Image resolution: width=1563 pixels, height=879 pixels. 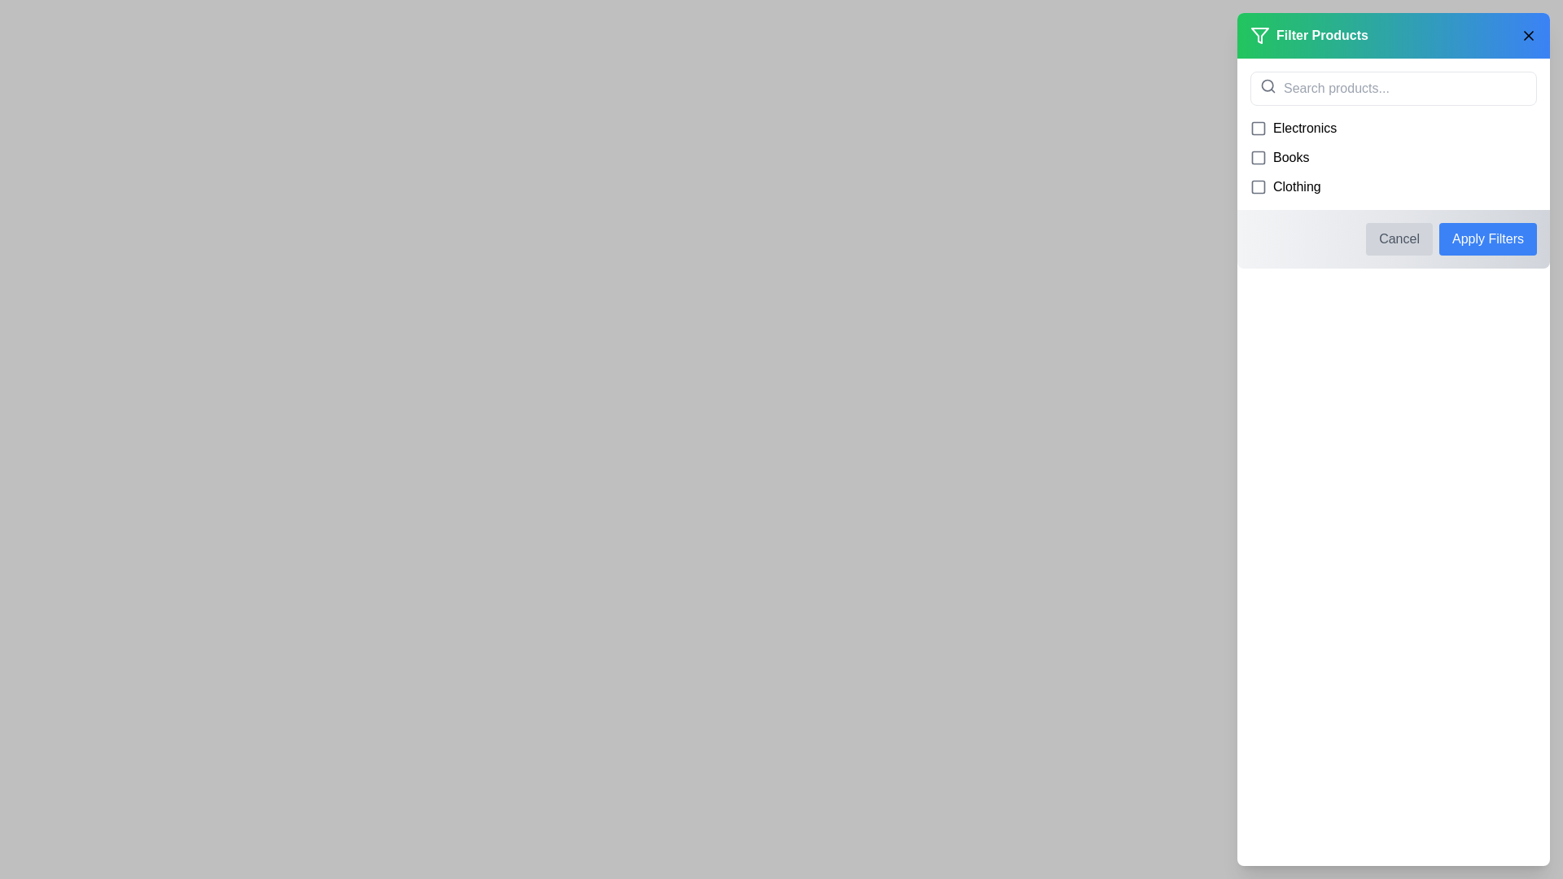 I want to click on the 'Books' checkbox, so click(x=1393, y=157).